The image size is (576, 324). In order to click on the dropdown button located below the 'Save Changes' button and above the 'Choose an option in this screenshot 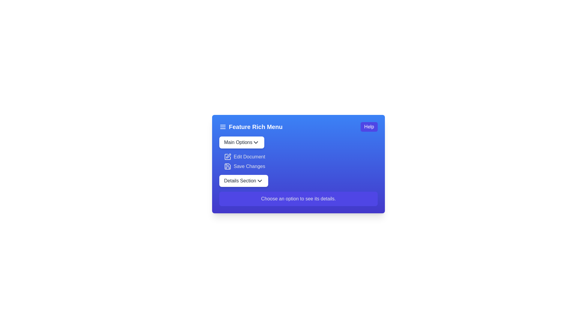, I will do `click(244, 180)`.